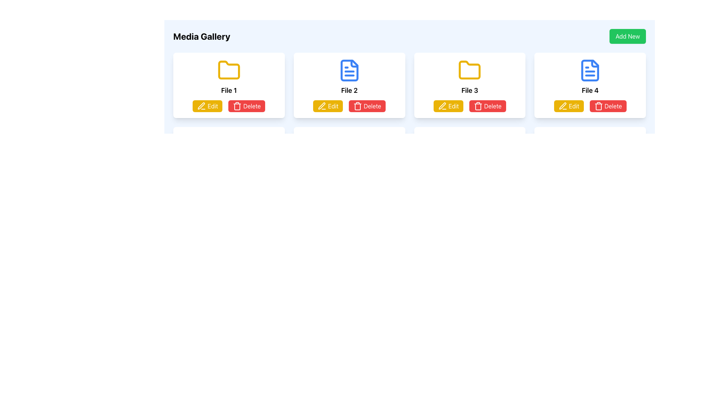  Describe the element at coordinates (237, 106) in the screenshot. I see `the trash bin icon within the 'Delete' button located at the bottom right corner of the 'File 1' card` at that location.